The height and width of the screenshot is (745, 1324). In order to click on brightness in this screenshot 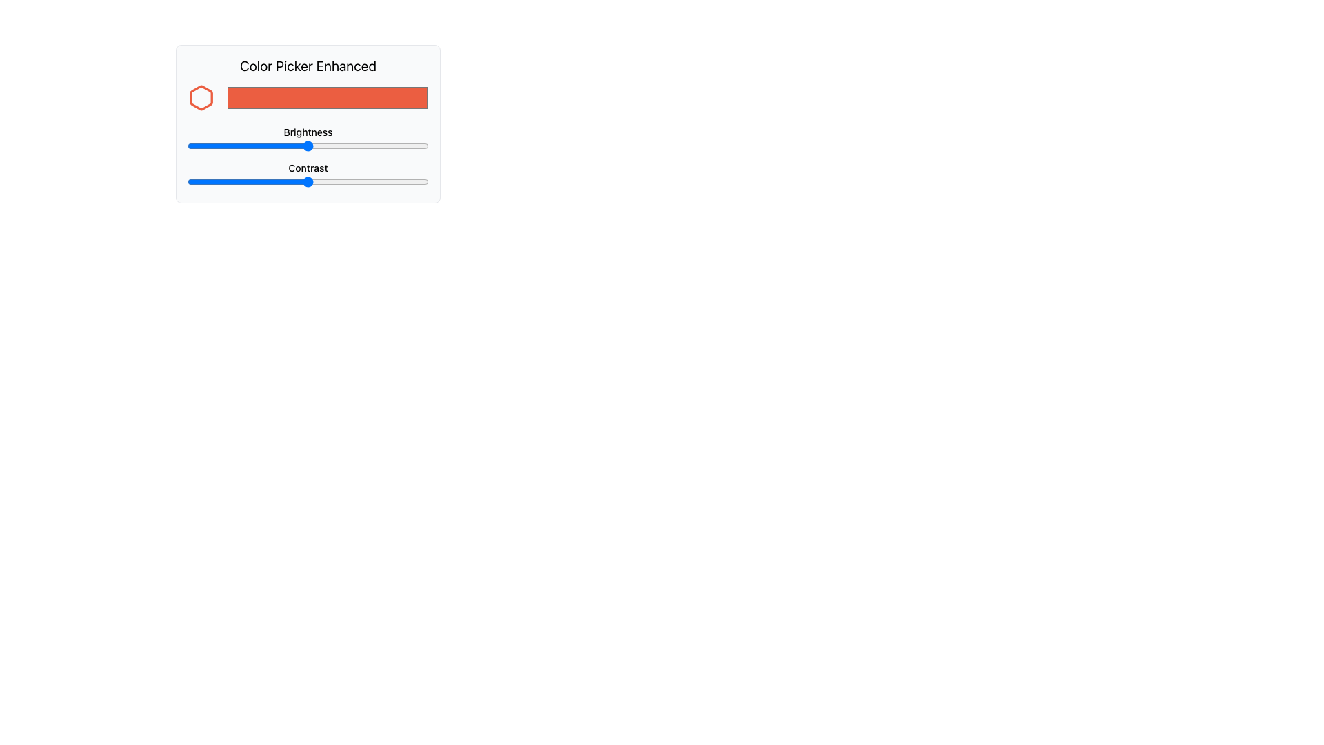, I will do `click(300, 146)`.